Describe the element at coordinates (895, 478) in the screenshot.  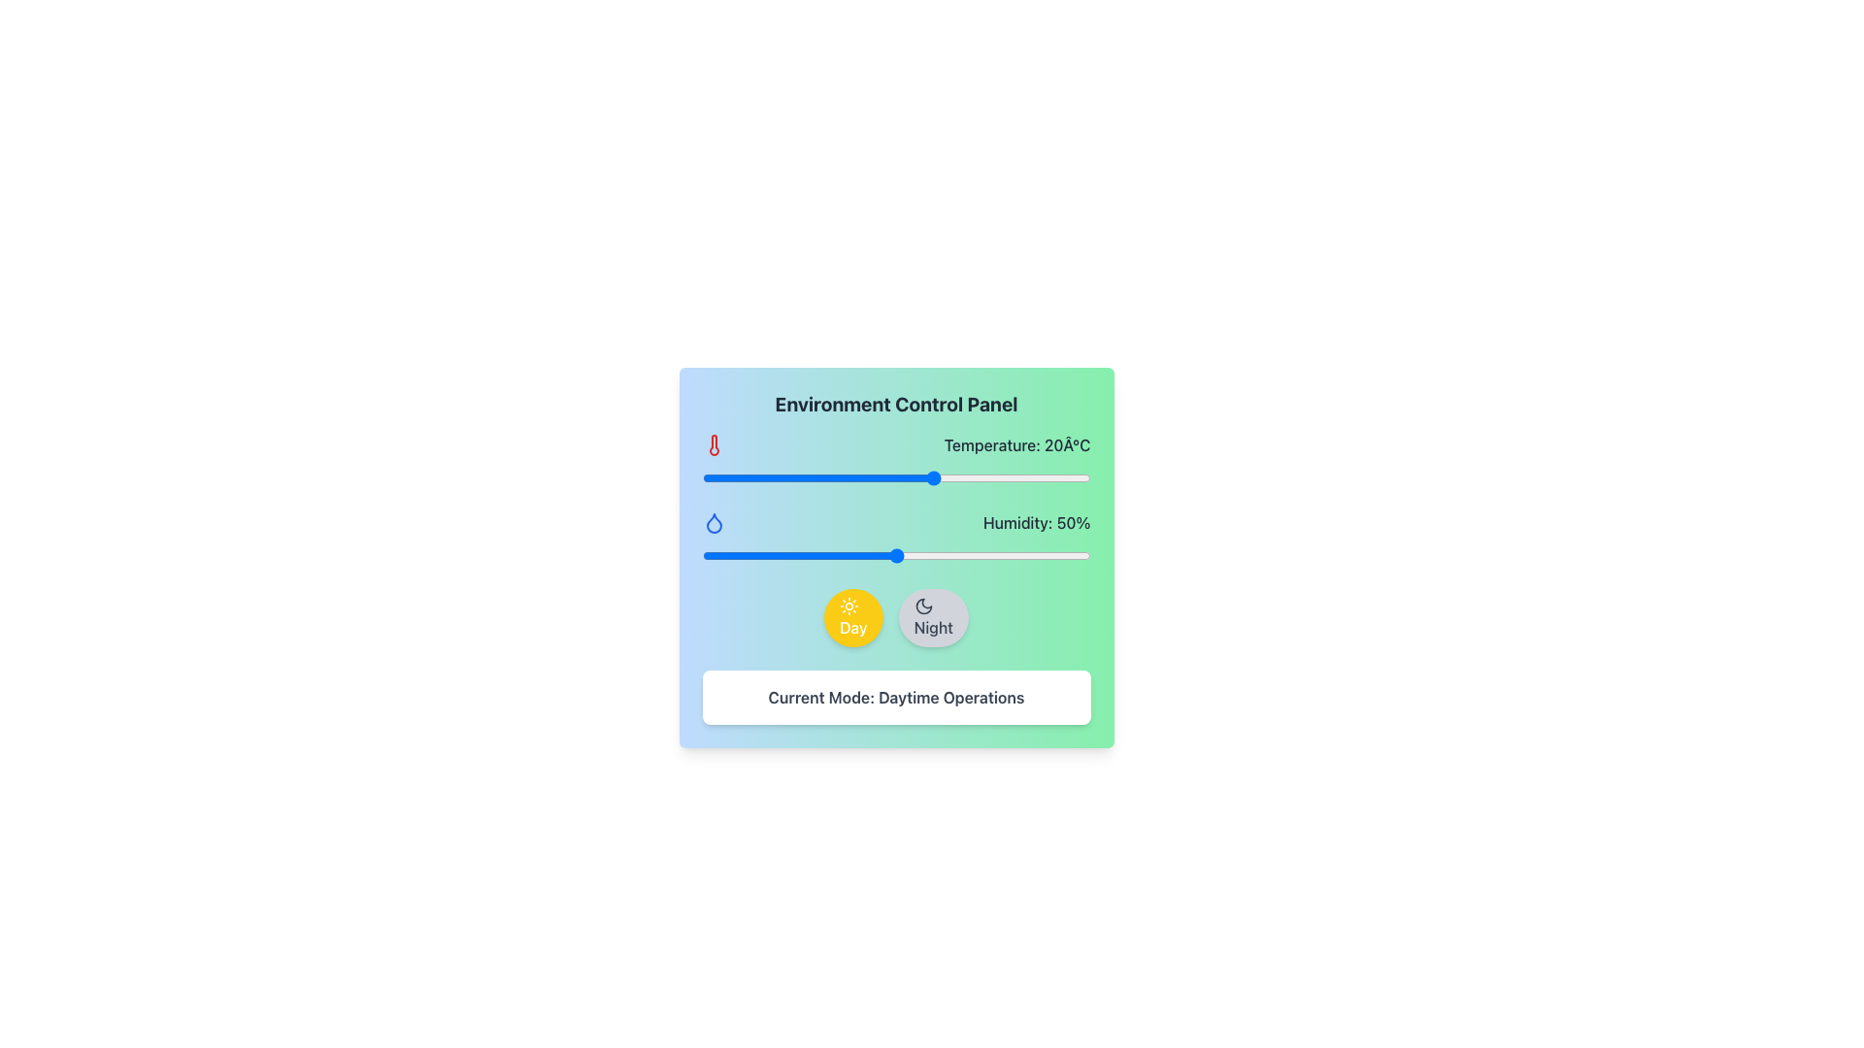
I see `the handle of the Range slider for adjusting the temperature, which has a red gradient track and is labeled 'Temperature: 20°C'` at that location.